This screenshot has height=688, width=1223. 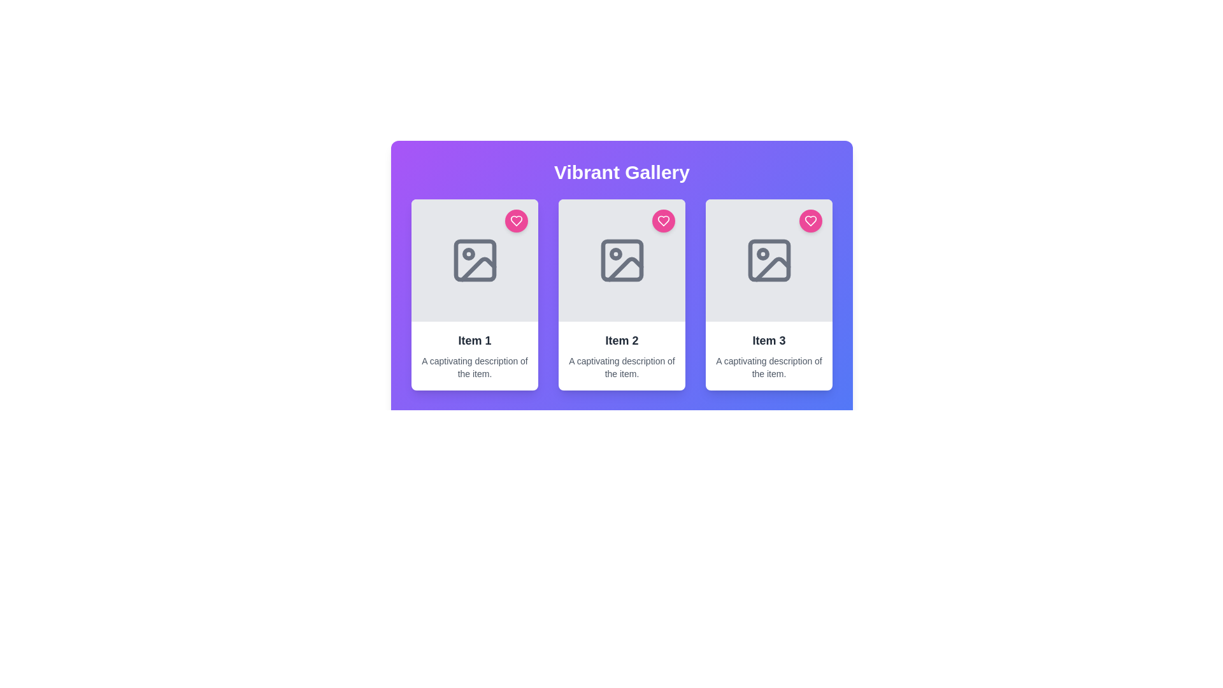 I want to click on the text element that reads 'A captivating description of the item.' which is styled in gray and positioned below the header 'Item 2' in the second card of the gallery, so click(x=622, y=368).